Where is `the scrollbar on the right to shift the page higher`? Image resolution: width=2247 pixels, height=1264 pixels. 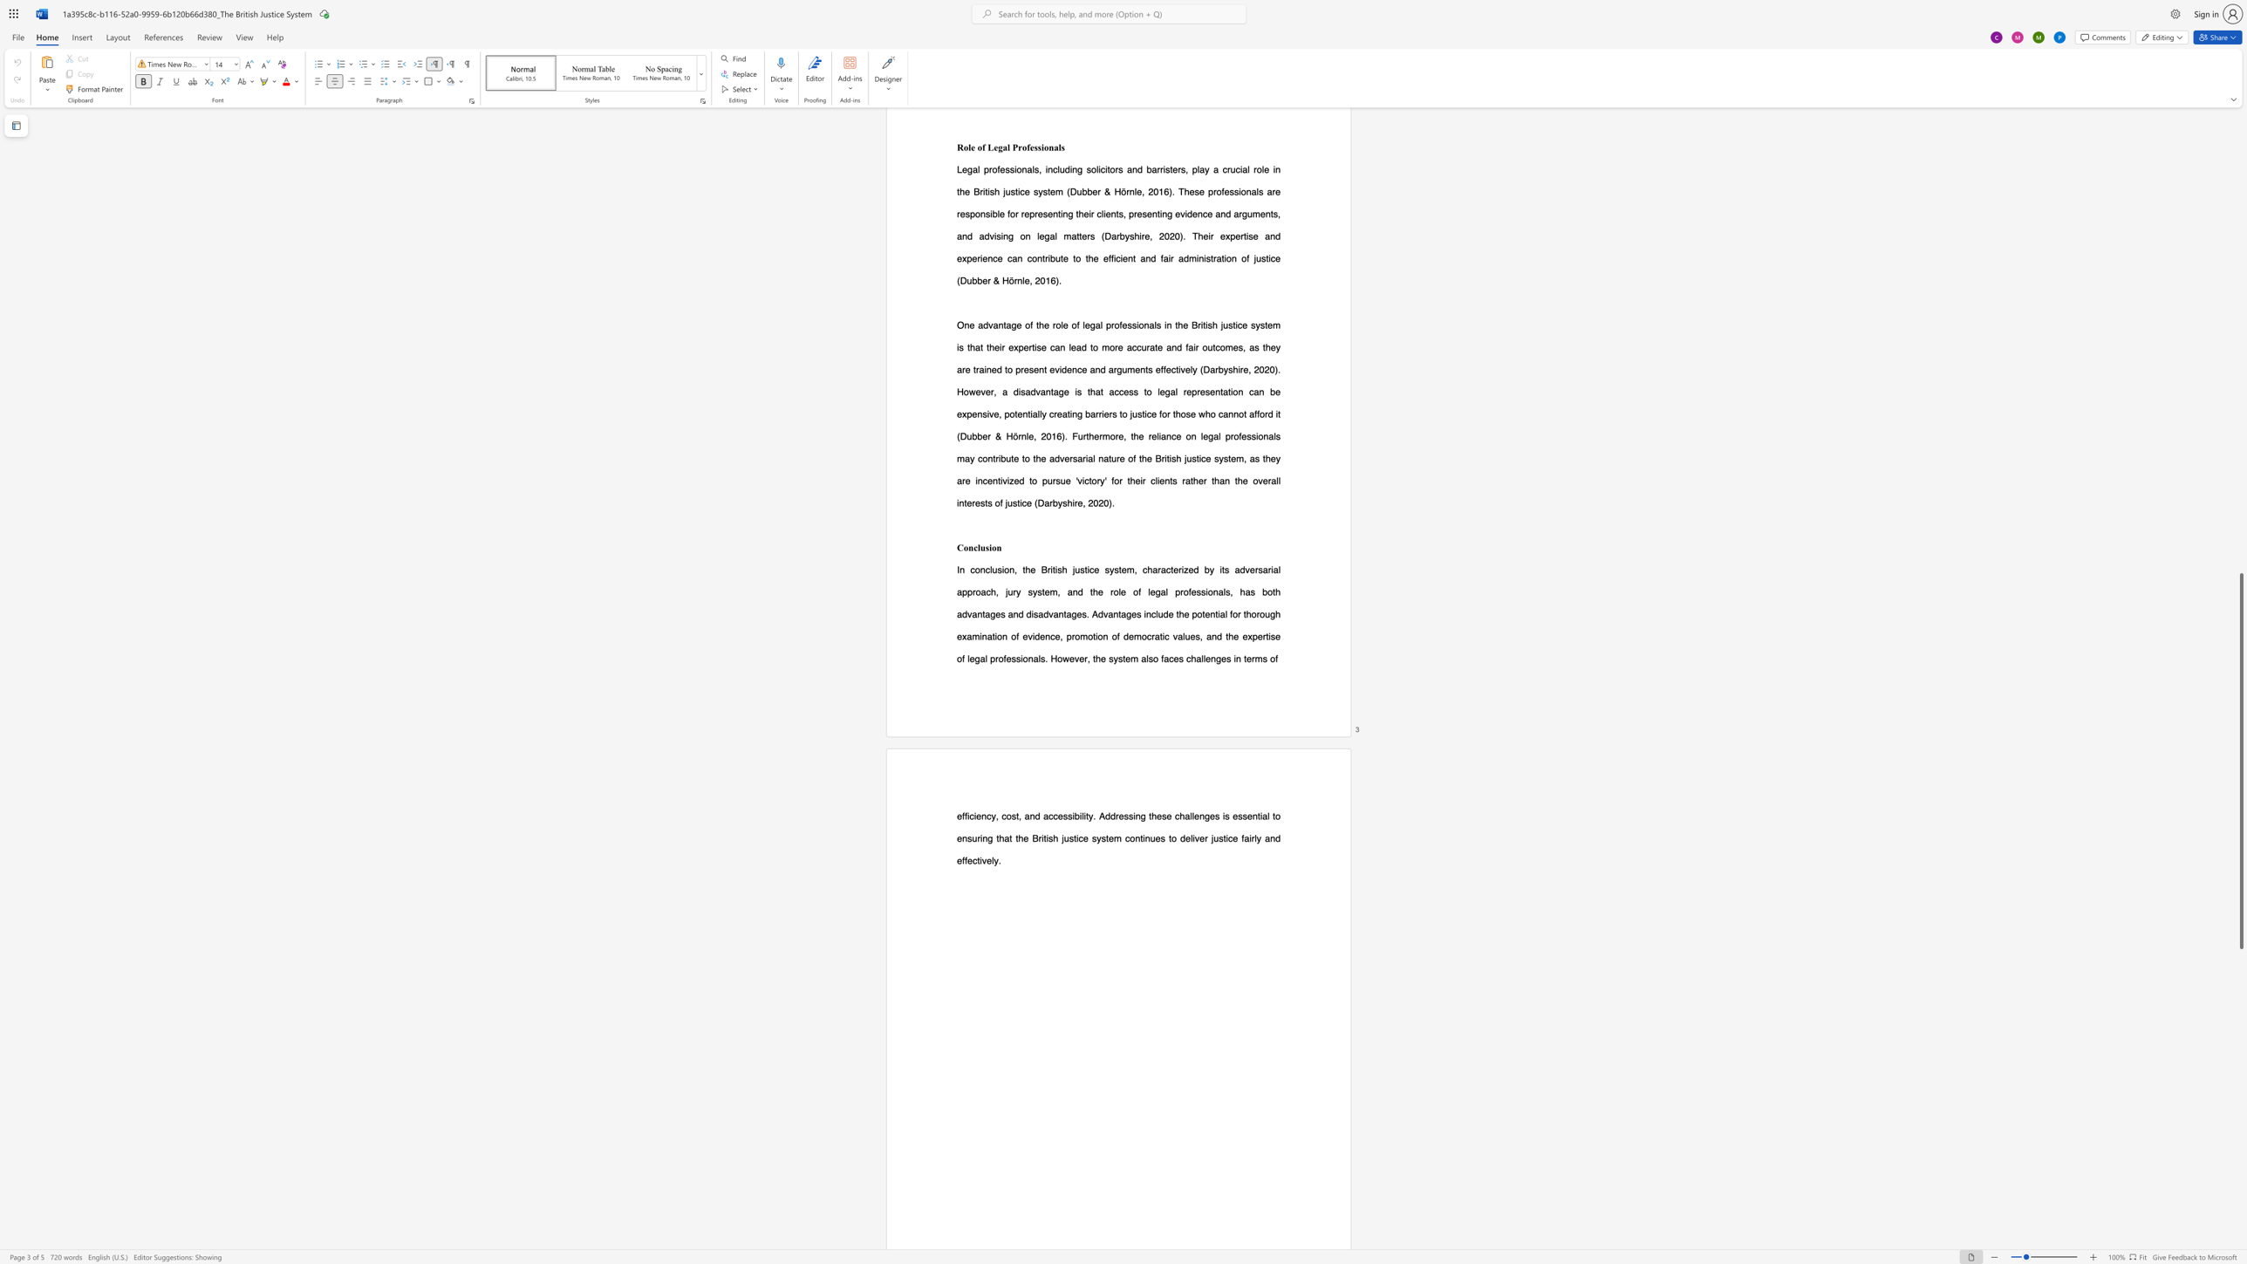
the scrollbar on the right to shift the page higher is located at coordinates (2240, 210).